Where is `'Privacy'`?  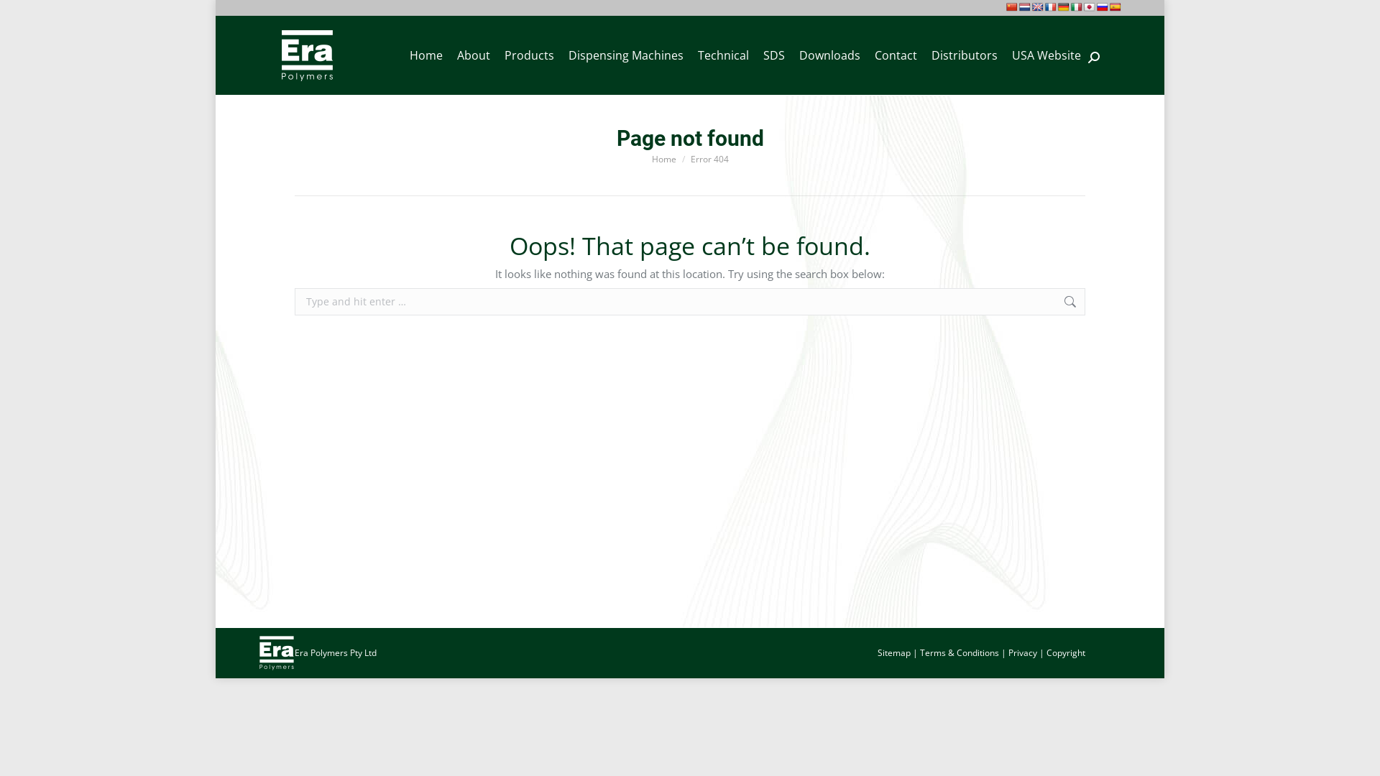 'Privacy' is located at coordinates (1007, 652).